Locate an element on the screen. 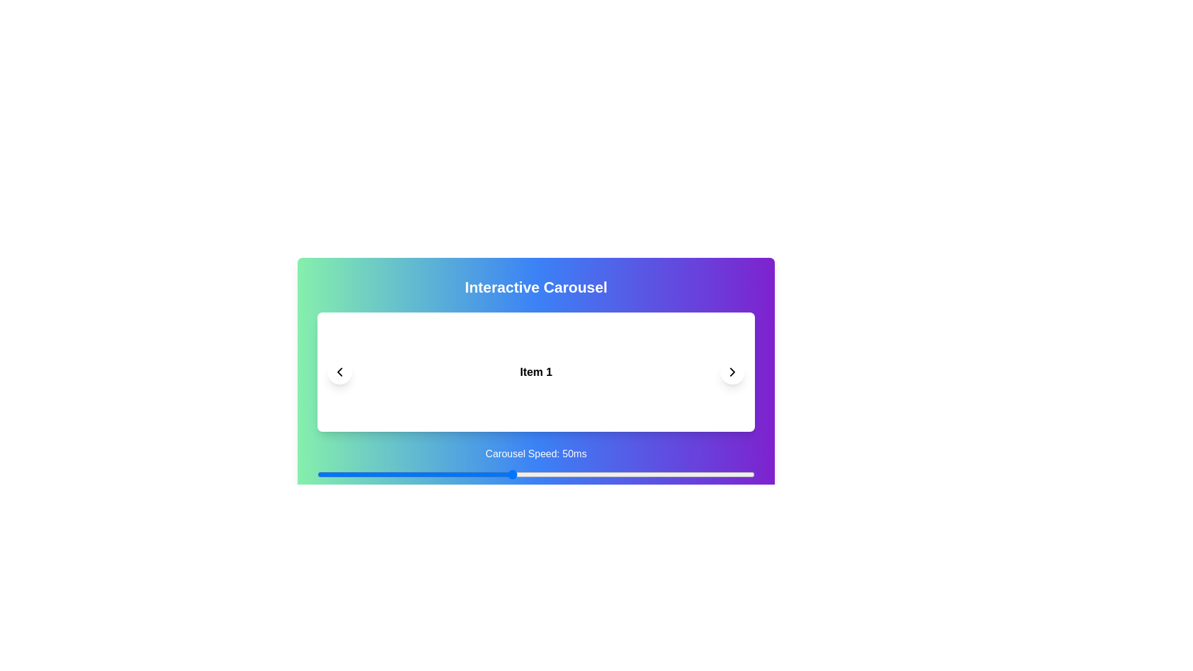 Image resolution: width=1193 pixels, height=671 pixels. the left navigation arrow to move to the previous carousel item is located at coordinates (340, 371).